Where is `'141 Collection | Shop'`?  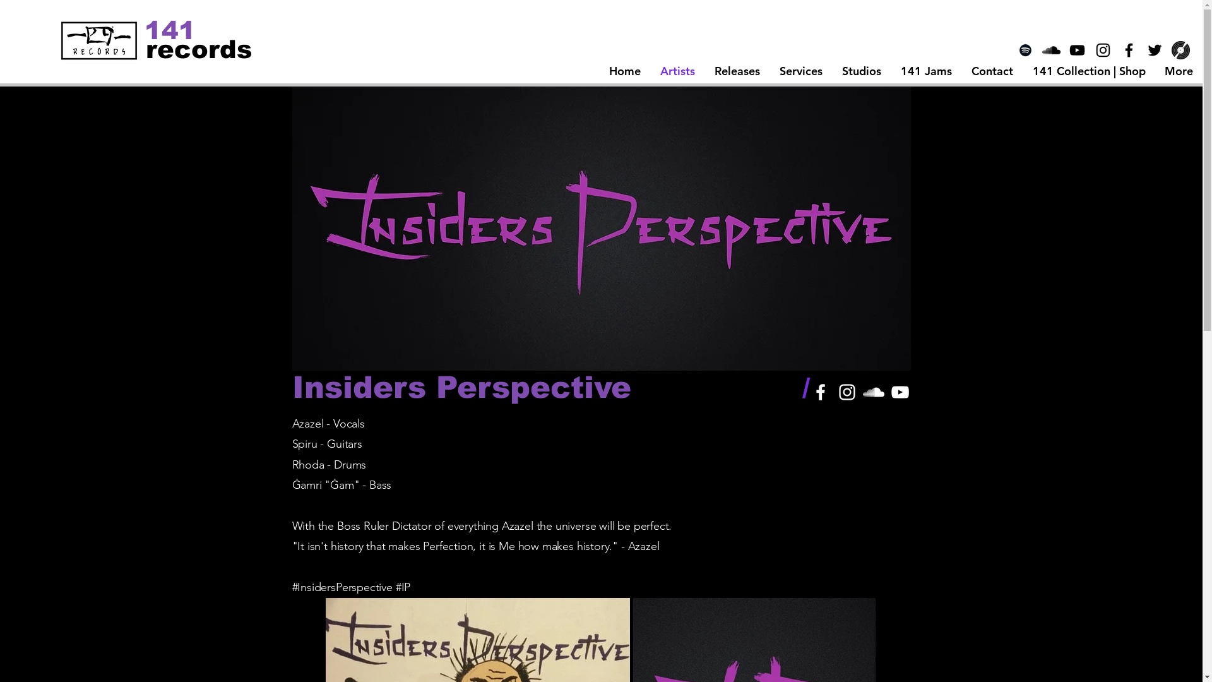 '141 Collection | Shop' is located at coordinates (1088, 71).